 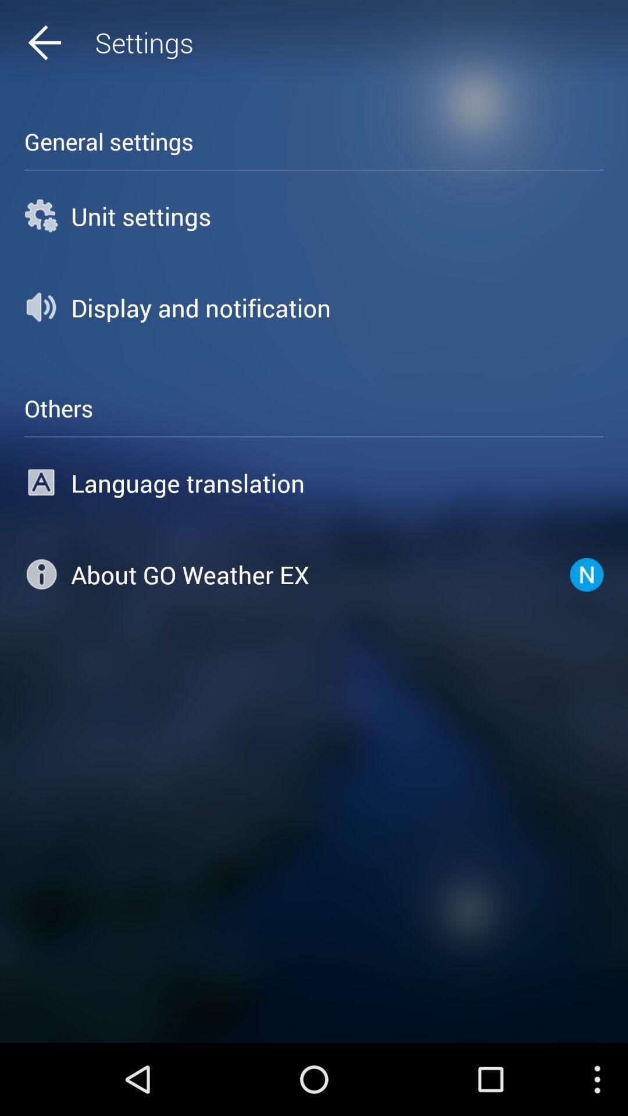 I want to click on the item below general settings icon, so click(x=314, y=216).